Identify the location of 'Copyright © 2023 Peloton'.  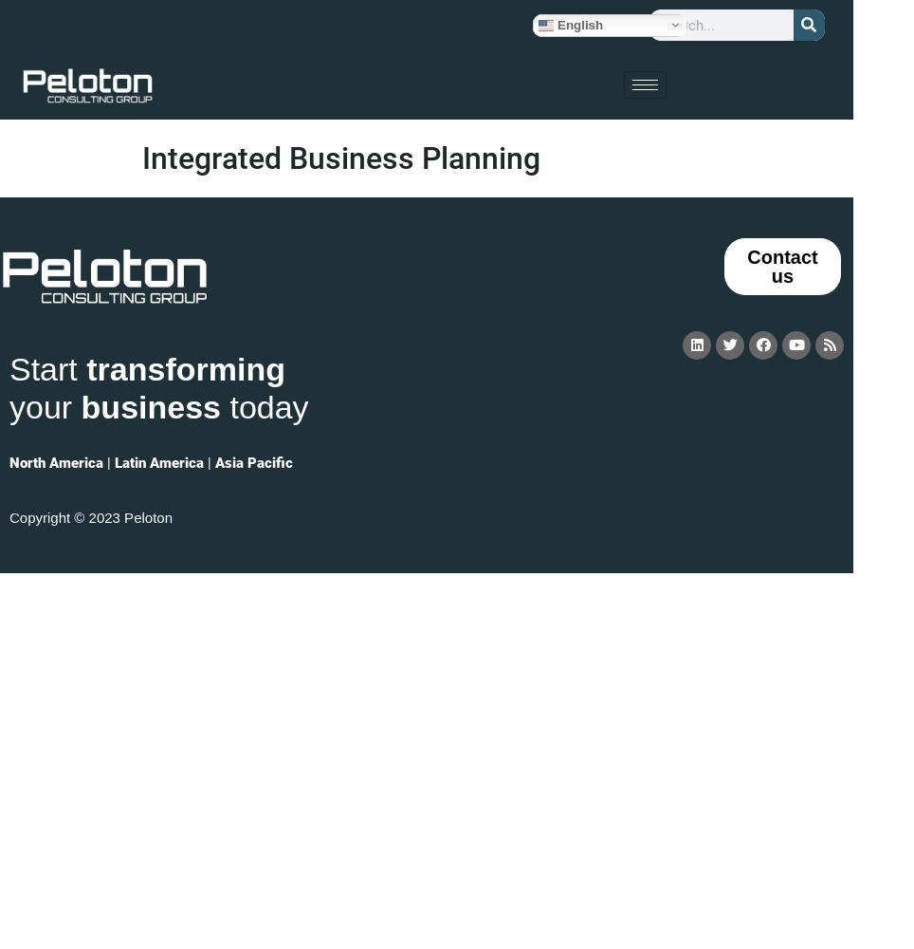
(90, 517).